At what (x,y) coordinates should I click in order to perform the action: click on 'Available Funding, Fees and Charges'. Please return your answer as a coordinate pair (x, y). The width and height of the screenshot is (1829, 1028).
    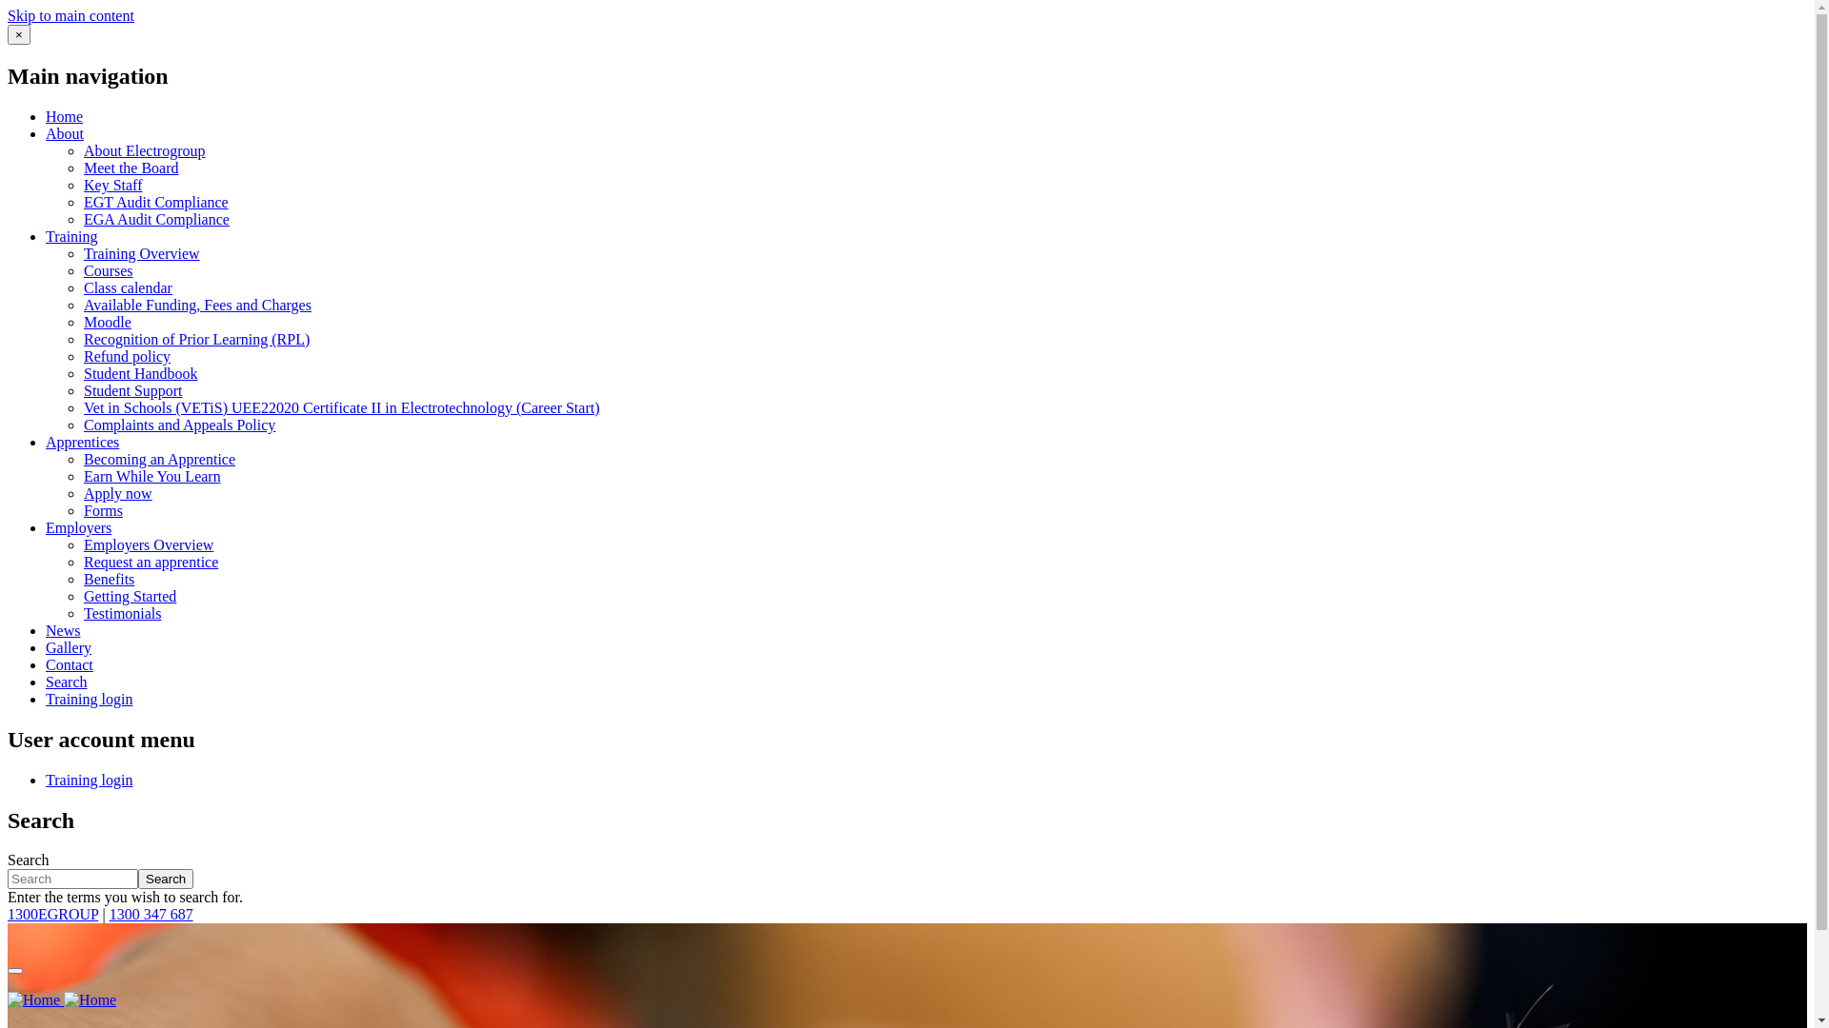
    Looking at the image, I should click on (197, 304).